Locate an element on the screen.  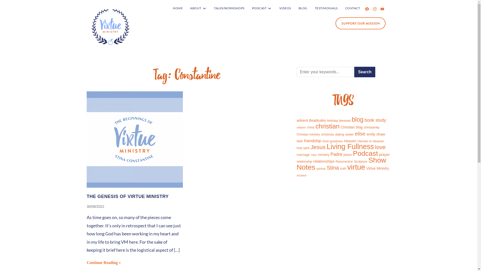
'spiritual' is located at coordinates (321, 168).